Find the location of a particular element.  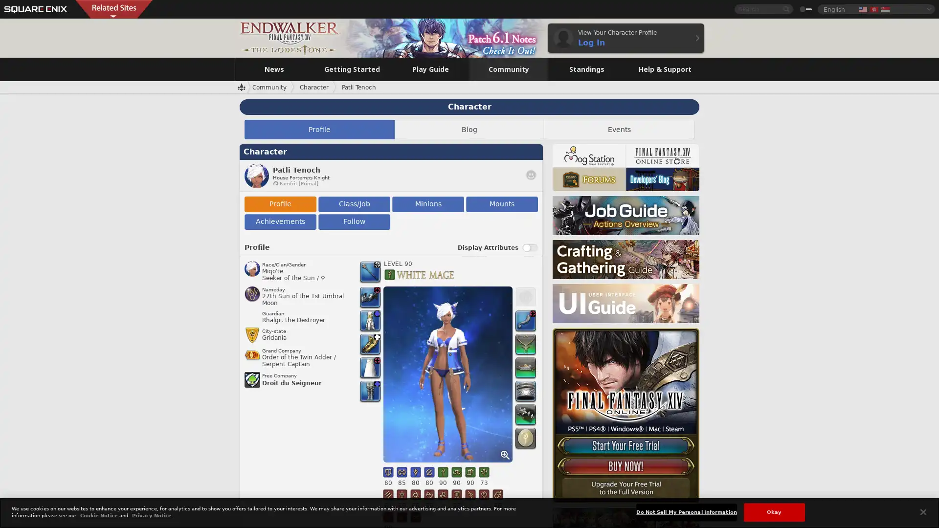

Okay is located at coordinates (773, 511).